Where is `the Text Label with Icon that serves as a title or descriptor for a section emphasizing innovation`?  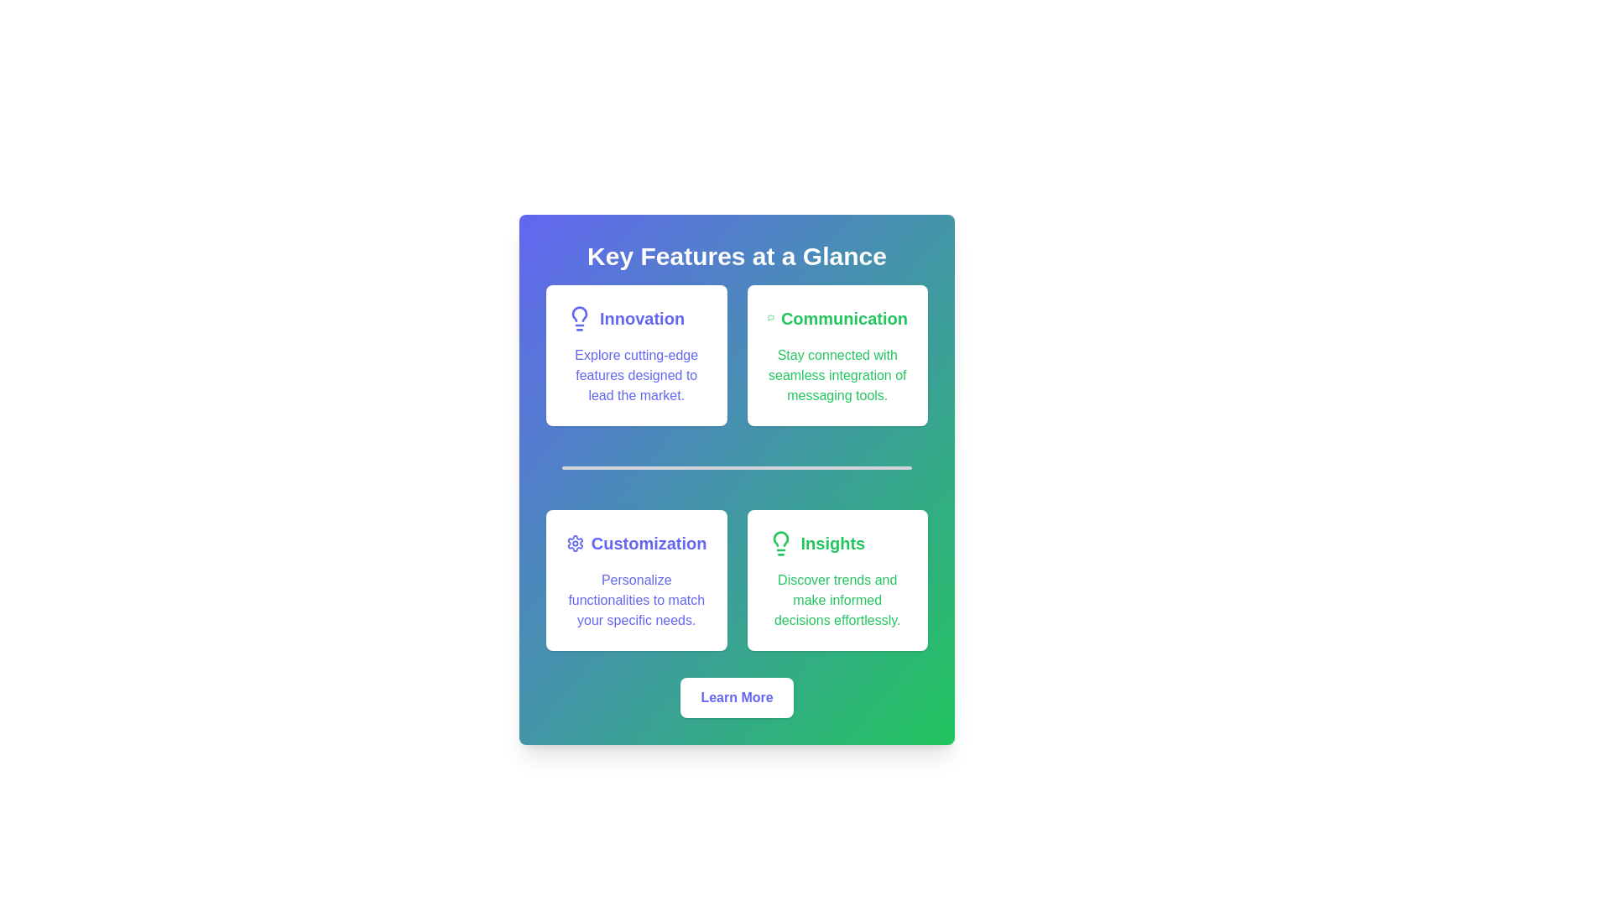
the Text Label with Icon that serves as a title or descriptor for a section emphasizing innovation is located at coordinates (635, 319).